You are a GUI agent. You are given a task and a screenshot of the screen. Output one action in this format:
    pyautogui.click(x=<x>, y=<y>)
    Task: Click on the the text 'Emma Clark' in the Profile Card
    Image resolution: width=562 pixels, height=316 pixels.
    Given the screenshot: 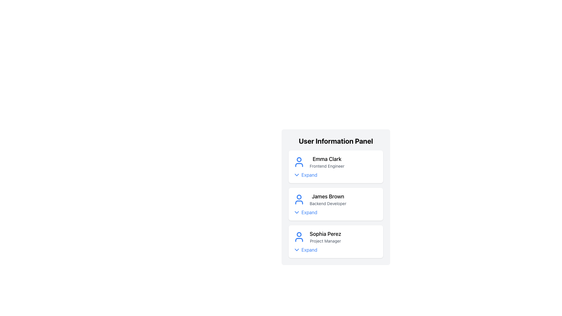 What is the action you would take?
    pyautogui.click(x=336, y=162)
    